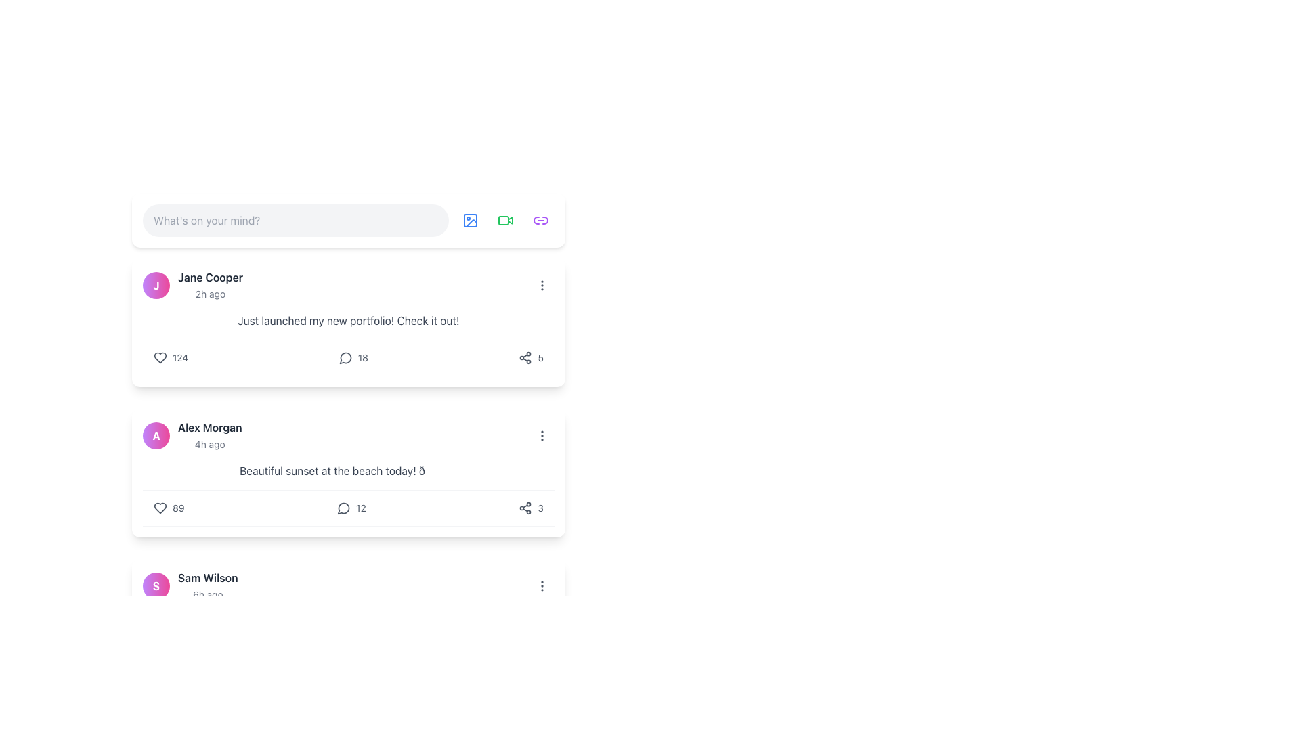 This screenshot has width=1300, height=731. Describe the element at coordinates (540, 220) in the screenshot. I see `the fourth, rightmost button in the horizontal row of circular icons` at that location.